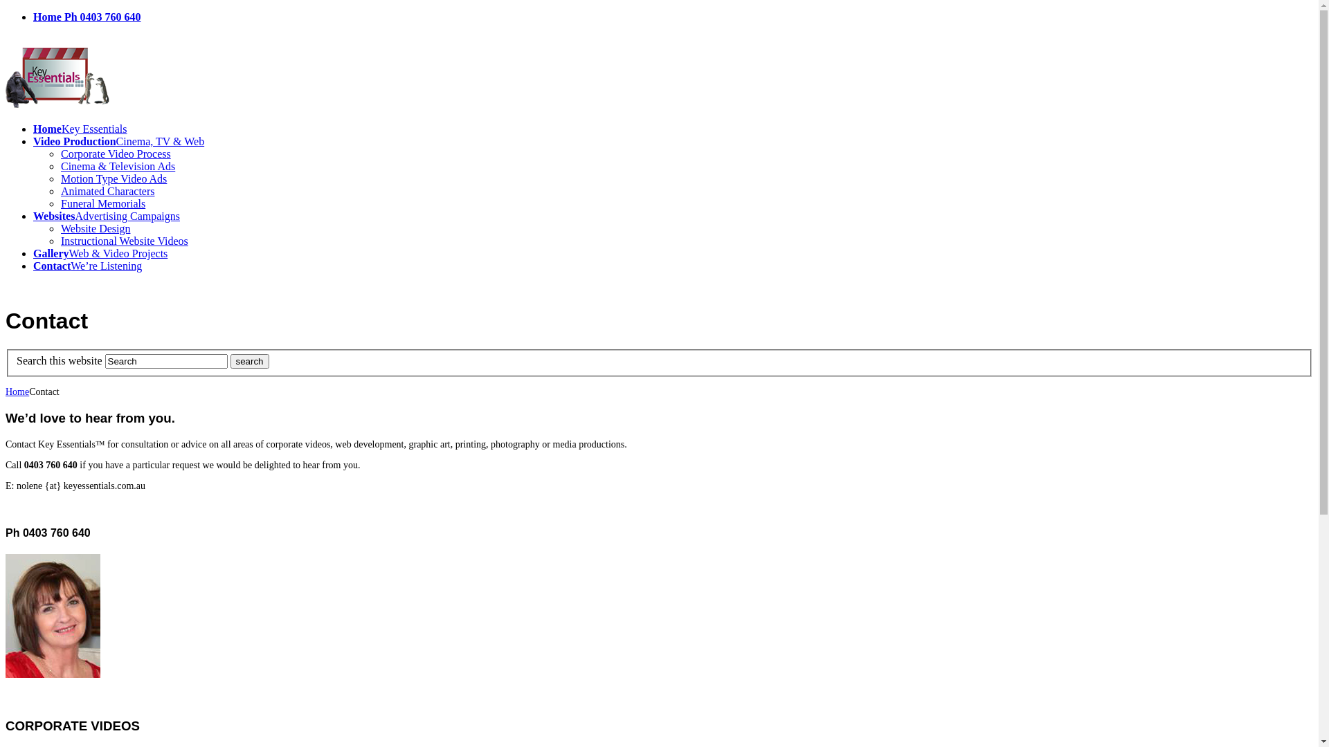  I want to click on 'Video ProductionCinema, TV & Web', so click(118, 141).